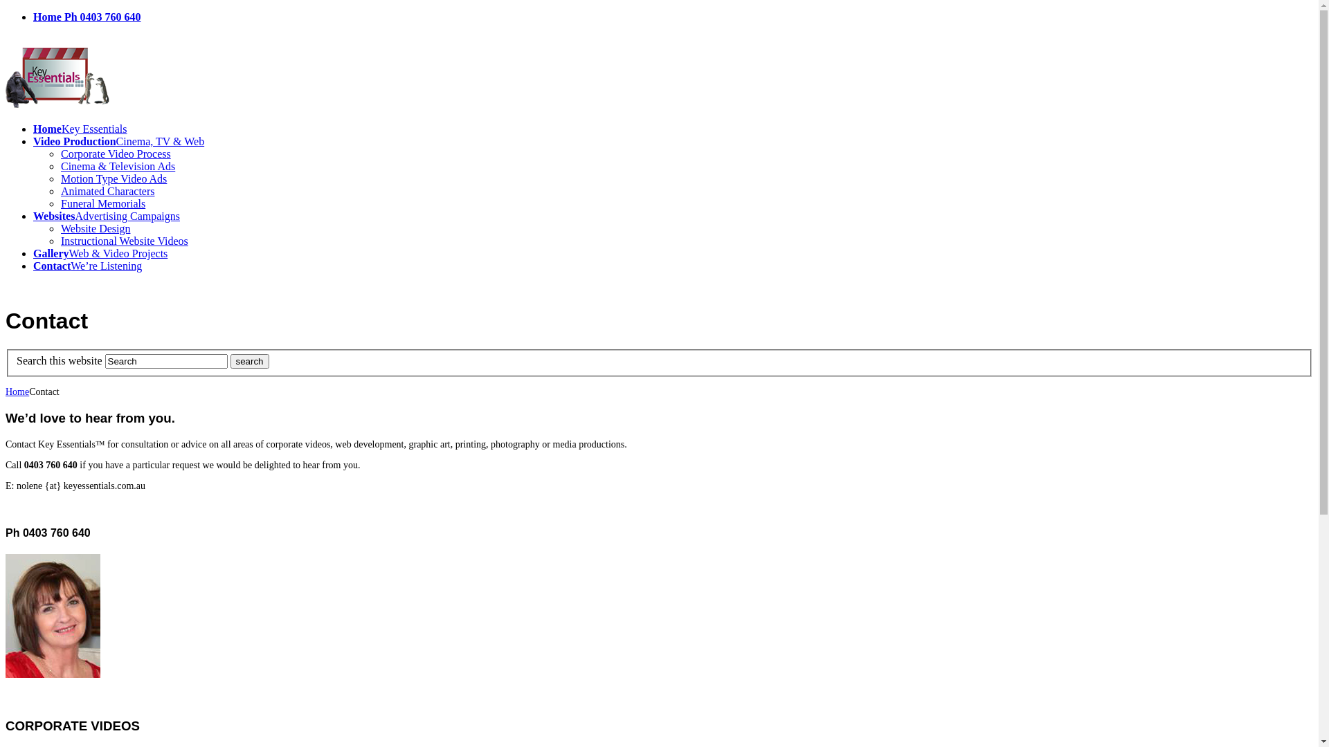  I want to click on 'Video ProductionCinema, TV & Web', so click(118, 141).